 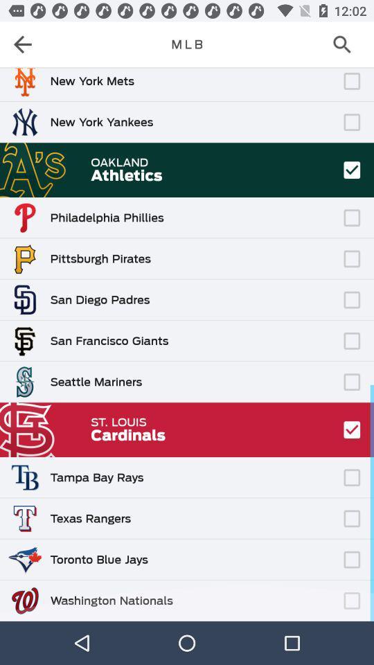 What do you see at coordinates (27, 44) in the screenshot?
I see `go back` at bounding box center [27, 44].